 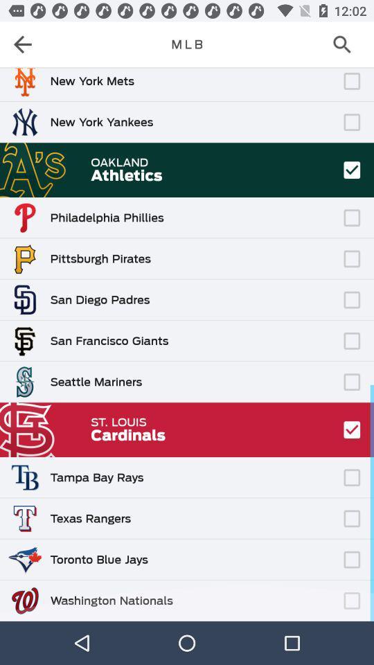 What do you see at coordinates (27, 44) in the screenshot?
I see `go back` at bounding box center [27, 44].